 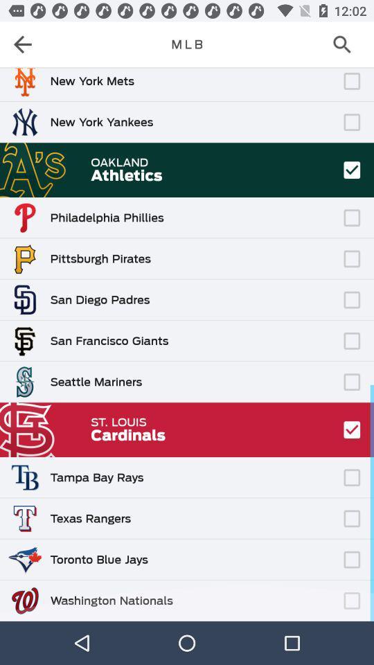 What do you see at coordinates (27, 44) in the screenshot?
I see `go back` at bounding box center [27, 44].